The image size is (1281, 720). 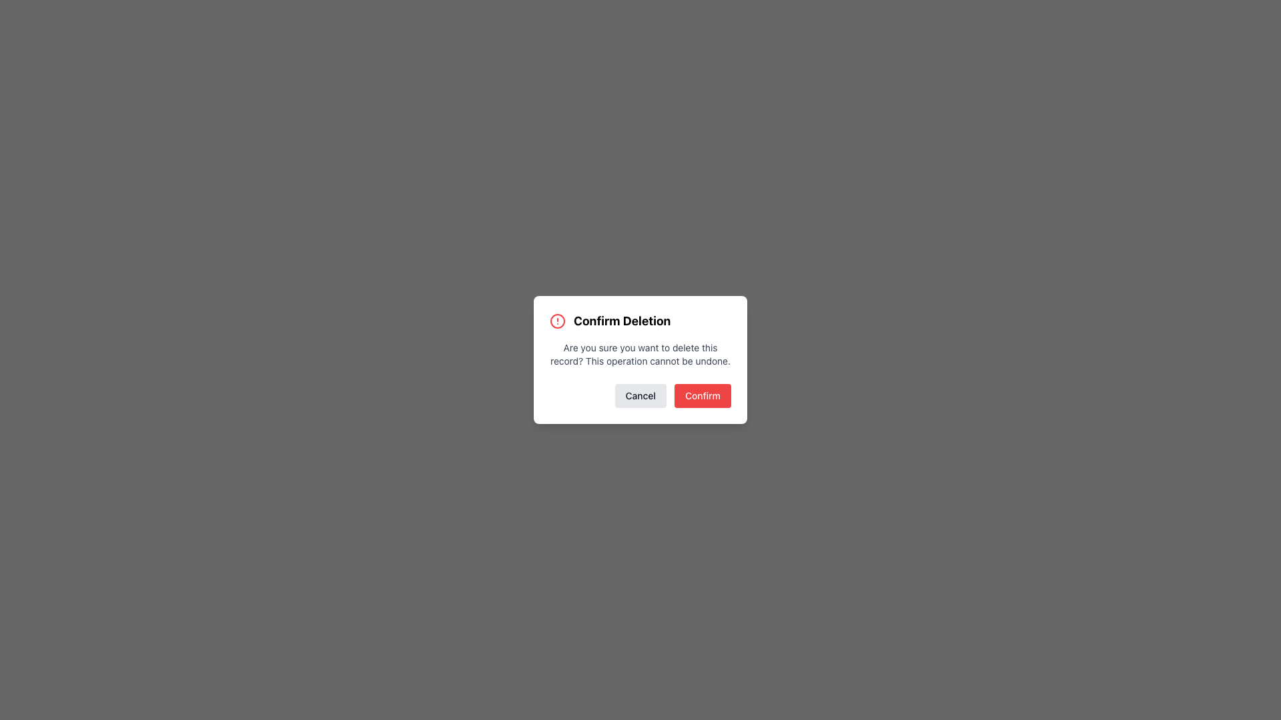 What do you see at coordinates (640, 321) in the screenshot?
I see `title text of the modal dialog that indicates the purpose of confirming the deletion of a record, positioned at the upper section of the modal above the descriptive text and action buttons` at bounding box center [640, 321].